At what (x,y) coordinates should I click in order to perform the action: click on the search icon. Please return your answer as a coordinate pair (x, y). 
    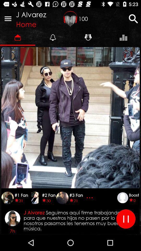
    Looking at the image, I should click on (133, 19).